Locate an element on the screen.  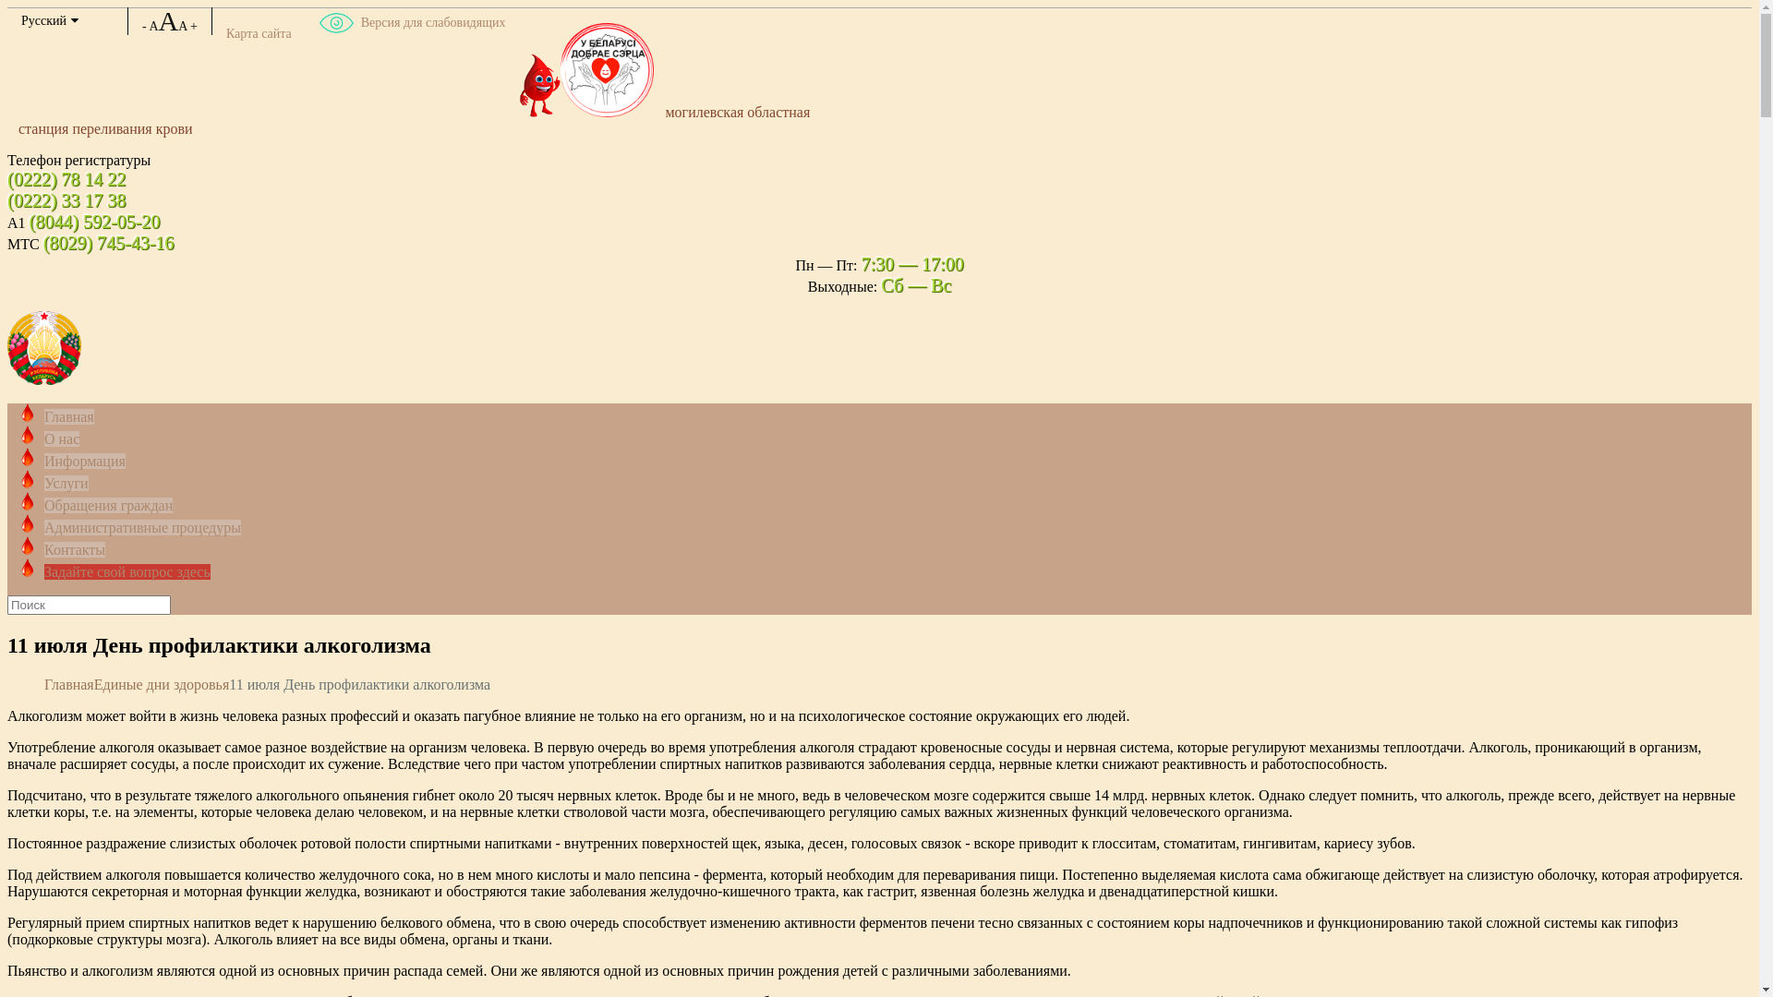
'-' is located at coordinates (143, 26).